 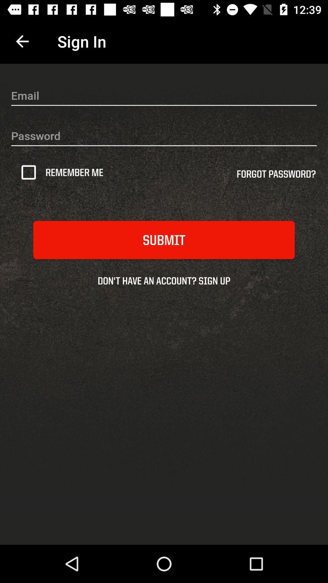 I want to click on don t have icon, so click(x=164, y=280).